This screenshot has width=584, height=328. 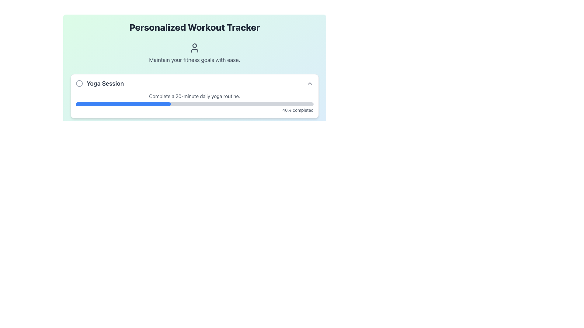 I want to click on the text element that reads 'Complete a 20-minute daily yoga routine.' located below the 'Yoga Session' title, so click(x=194, y=96).